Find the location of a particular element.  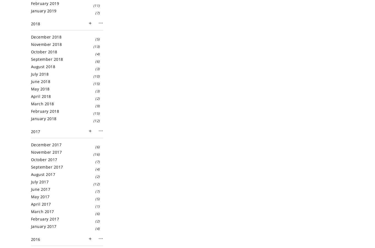

'August 2017' is located at coordinates (31, 174).